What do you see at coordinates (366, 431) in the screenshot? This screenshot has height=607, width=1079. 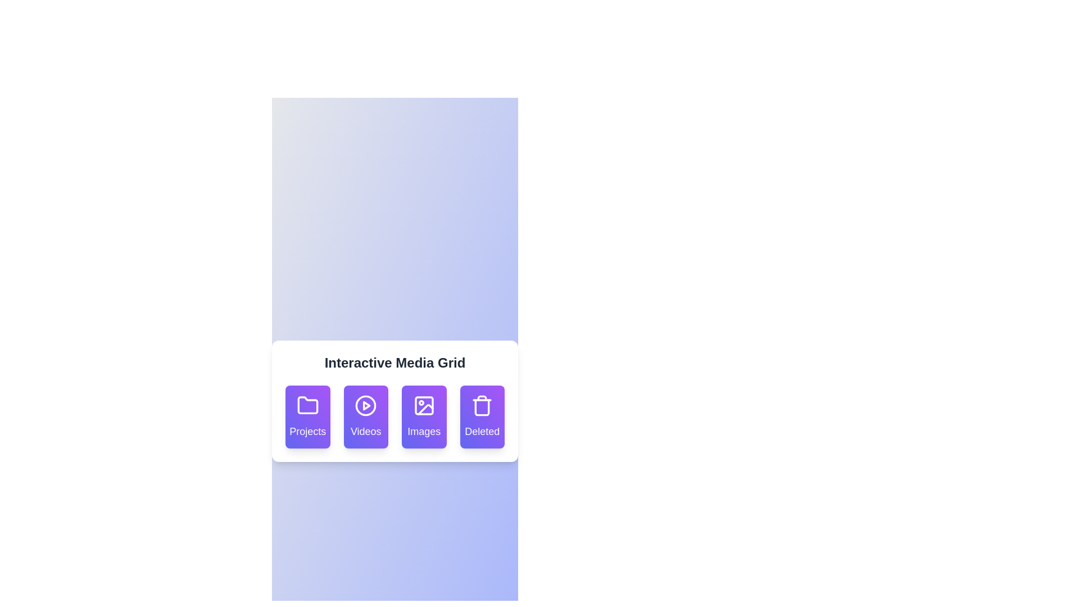 I see `text of the descriptive label located in the second card of the 'Interactive Media Grid' underneath the play icon` at bounding box center [366, 431].